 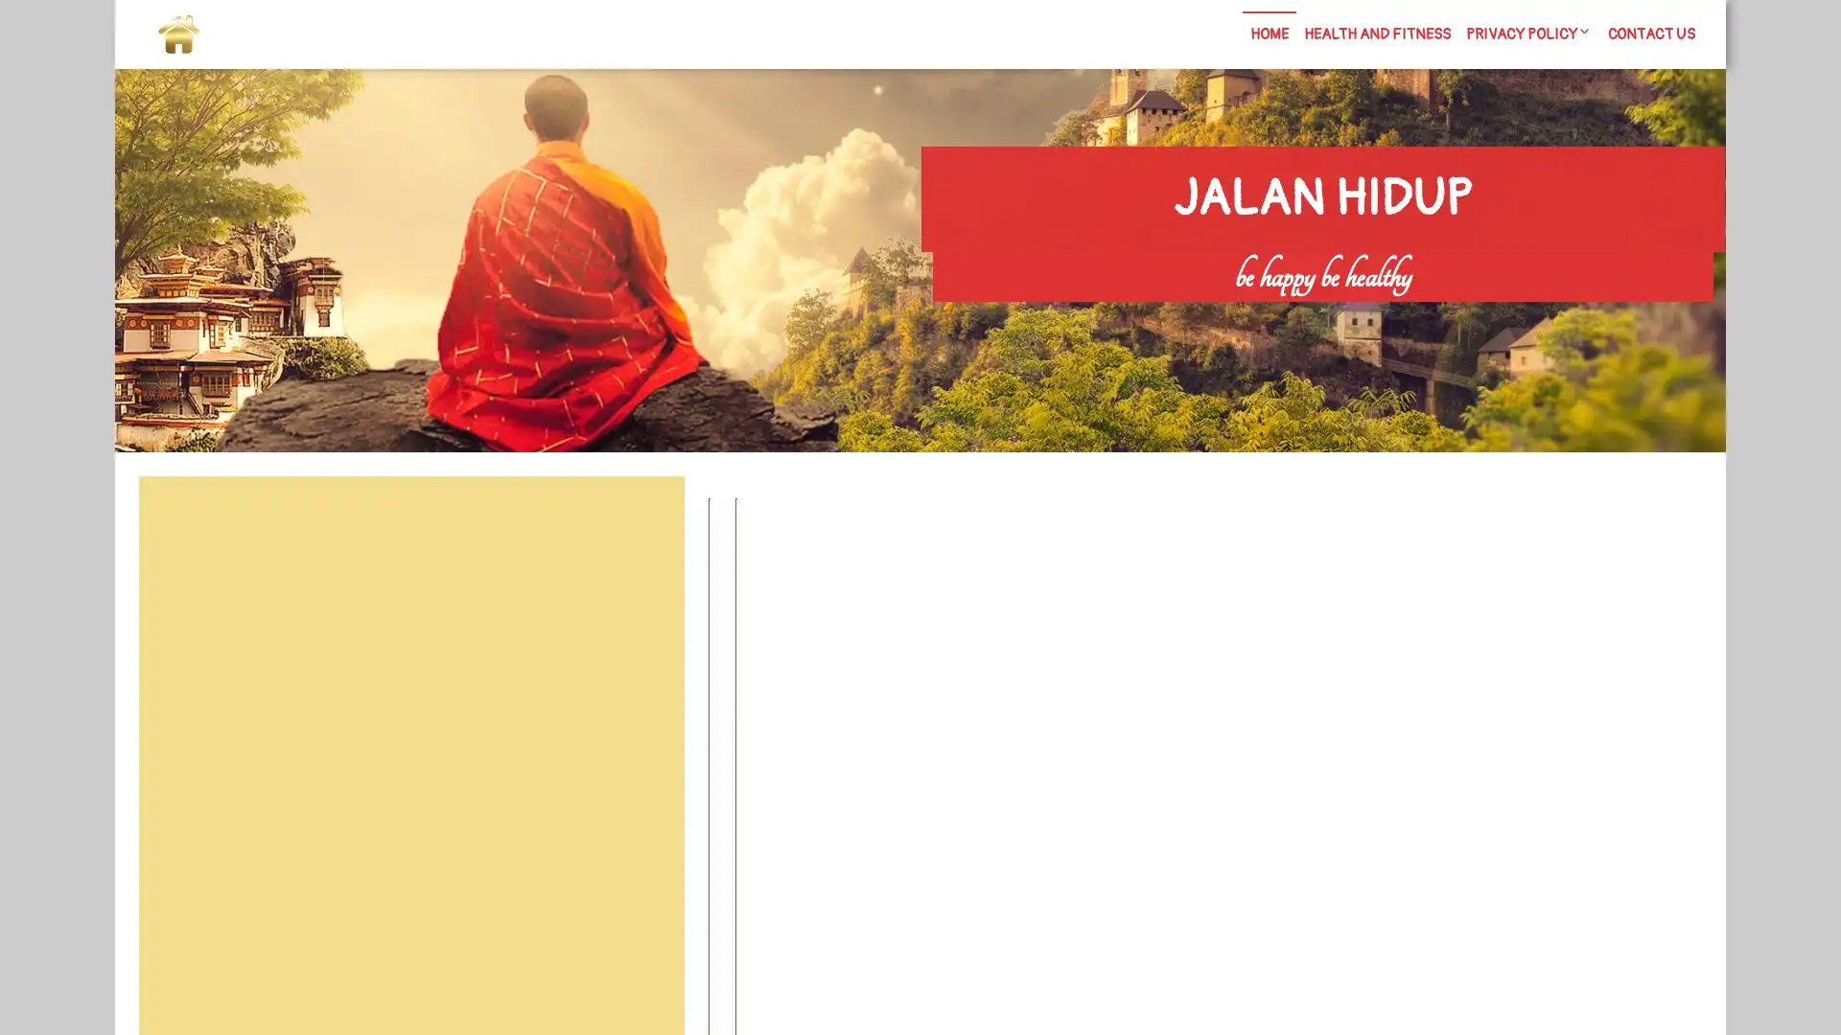 I want to click on Search, so click(x=1493, y=313).